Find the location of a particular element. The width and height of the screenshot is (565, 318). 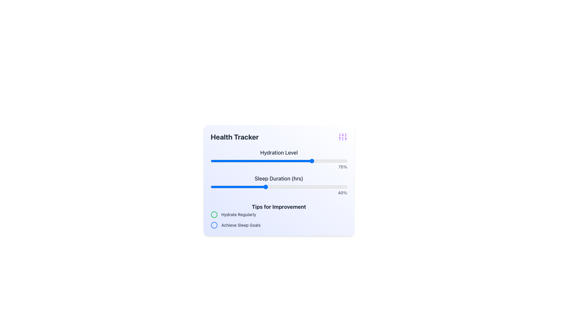

the sleep duration is located at coordinates (305, 187).